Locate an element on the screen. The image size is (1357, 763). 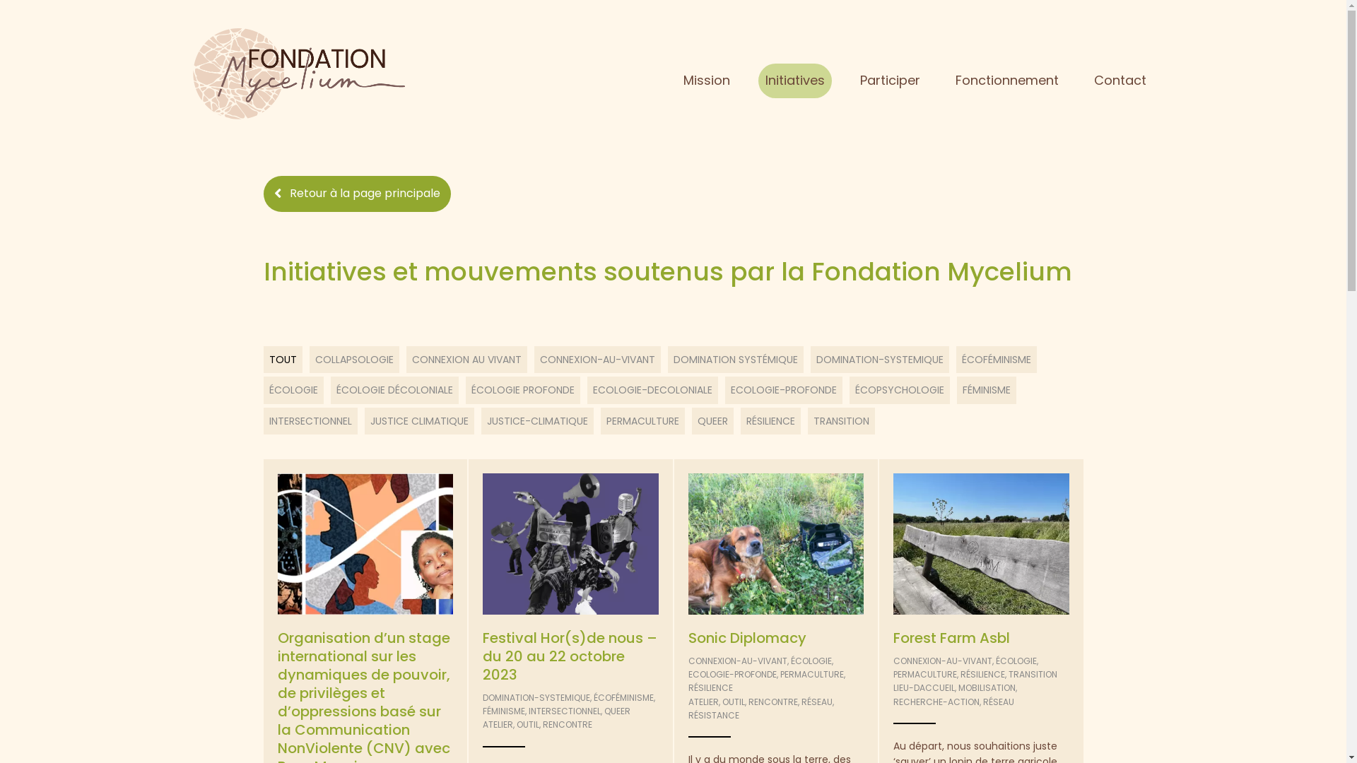
'LIEU-DACCUEIL' is located at coordinates (924, 687).